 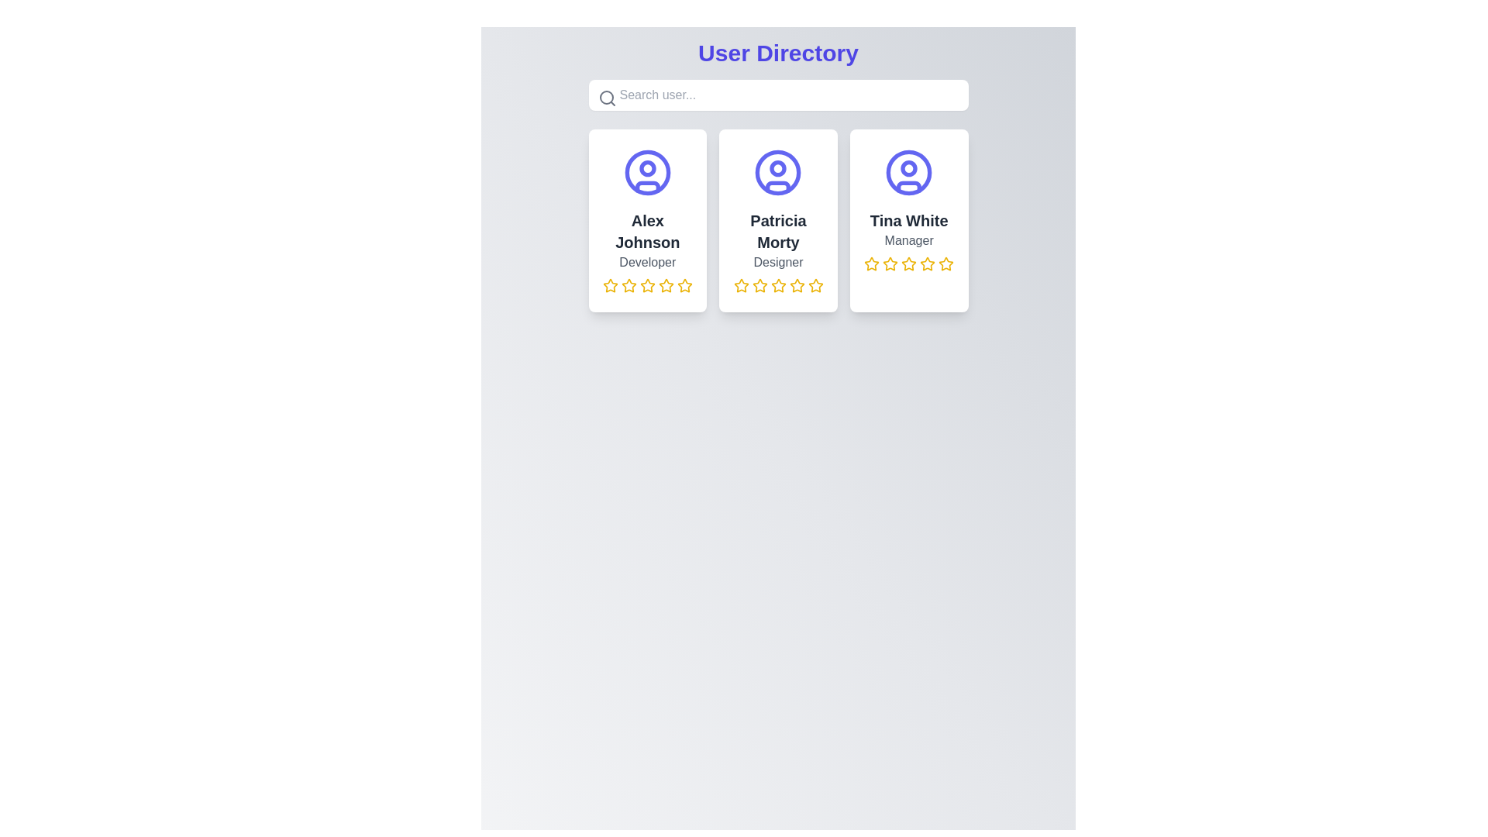 What do you see at coordinates (909, 263) in the screenshot?
I see `the highlighted yellow star icon, which is the third star in the five-star rating system for 'Tina White, Manager' located beneath the user's name` at bounding box center [909, 263].